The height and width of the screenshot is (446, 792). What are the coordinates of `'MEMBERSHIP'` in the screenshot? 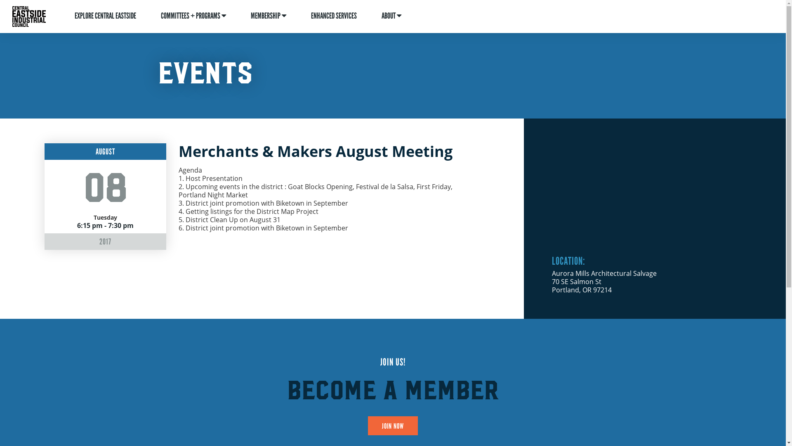 It's located at (238, 16).